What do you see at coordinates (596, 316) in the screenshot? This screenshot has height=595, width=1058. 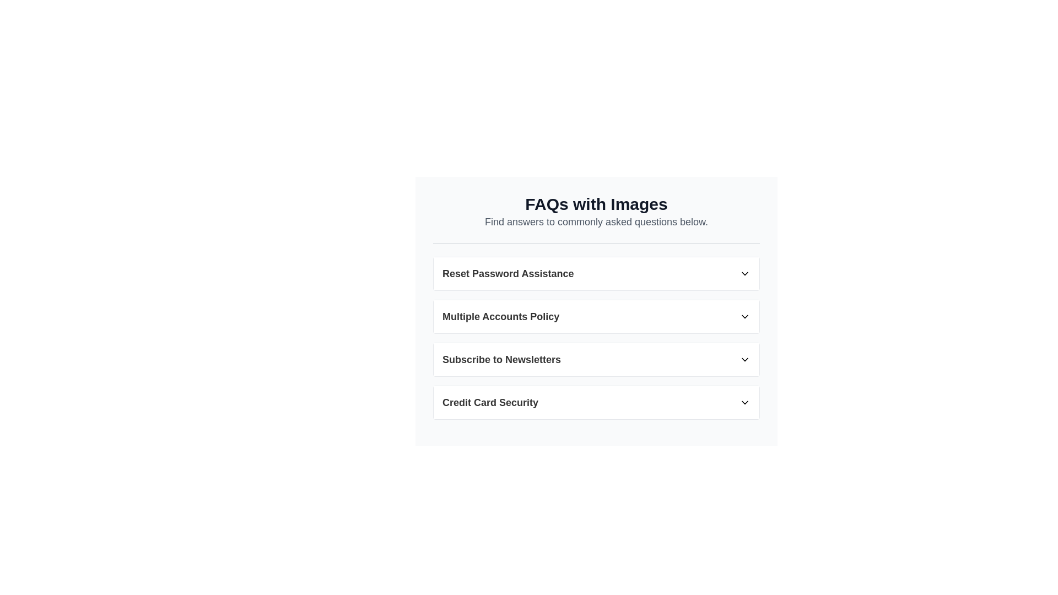 I see `the 'Multiple Accounts Policy' accordion header` at bounding box center [596, 316].